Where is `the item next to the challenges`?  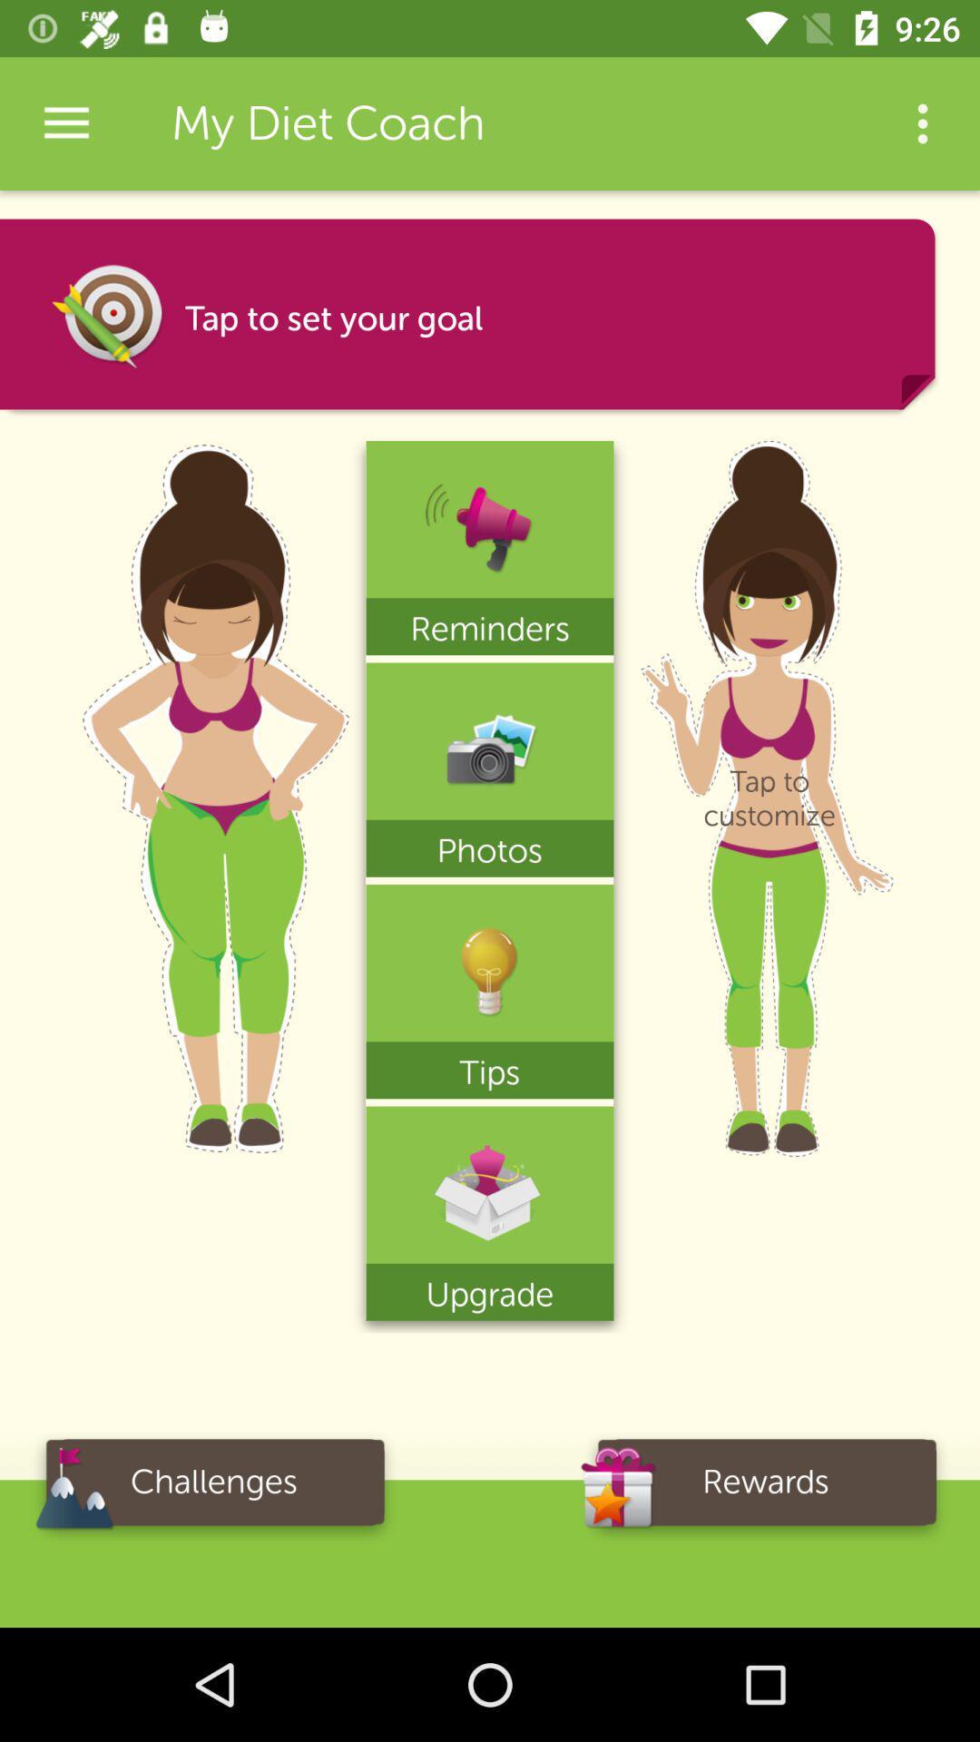
the item next to the challenges is located at coordinates (766, 1488).